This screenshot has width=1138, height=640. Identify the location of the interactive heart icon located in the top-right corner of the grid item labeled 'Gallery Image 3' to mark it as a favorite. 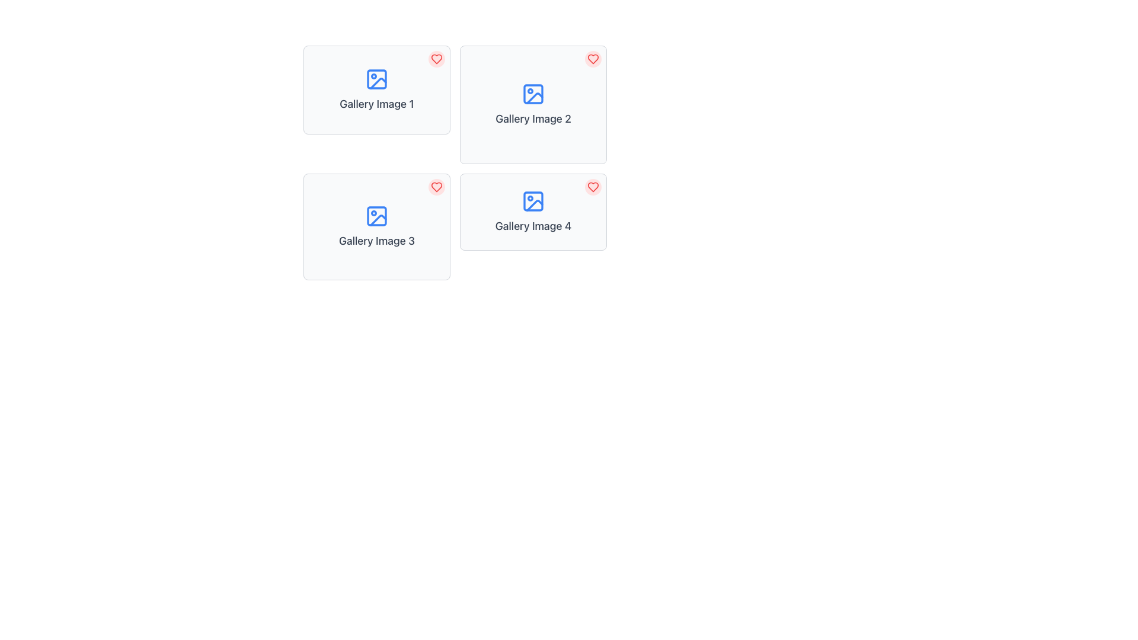
(436, 187).